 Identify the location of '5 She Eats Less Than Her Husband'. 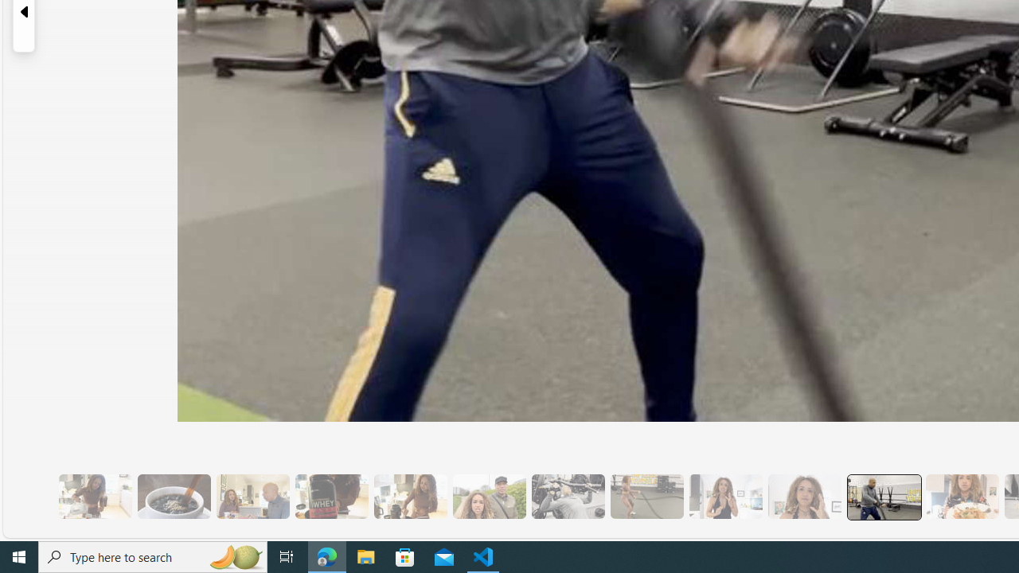
(252, 496).